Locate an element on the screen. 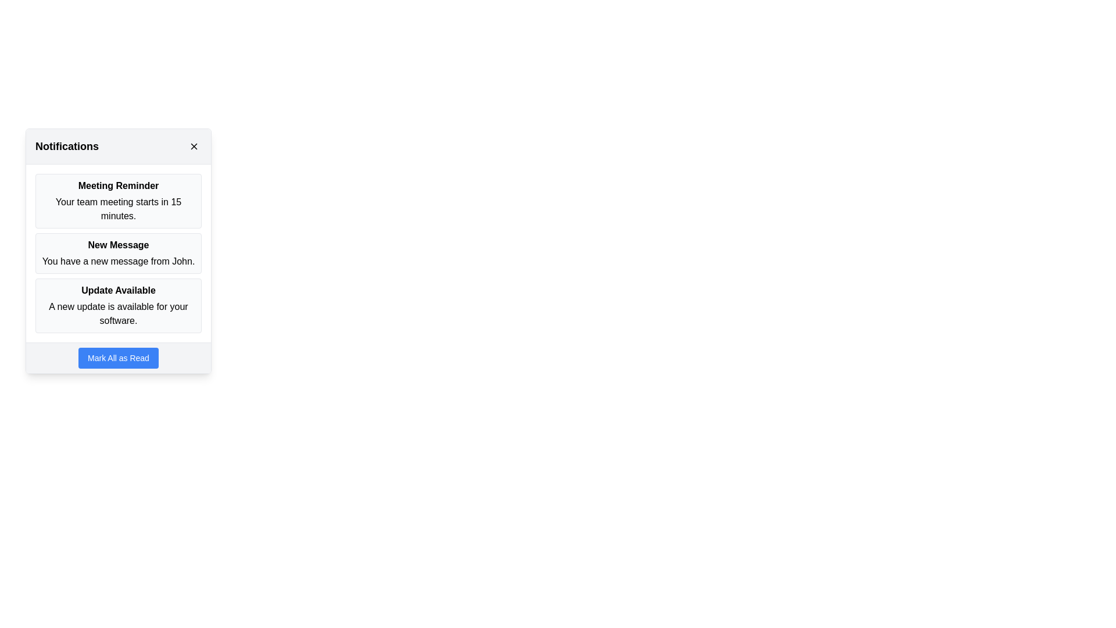 The image size is (1116, 628). informational text notification that states 'A new update is available for your software.' located in the notification panel under the title 'Update Available' is located at coordinates (118, 314).